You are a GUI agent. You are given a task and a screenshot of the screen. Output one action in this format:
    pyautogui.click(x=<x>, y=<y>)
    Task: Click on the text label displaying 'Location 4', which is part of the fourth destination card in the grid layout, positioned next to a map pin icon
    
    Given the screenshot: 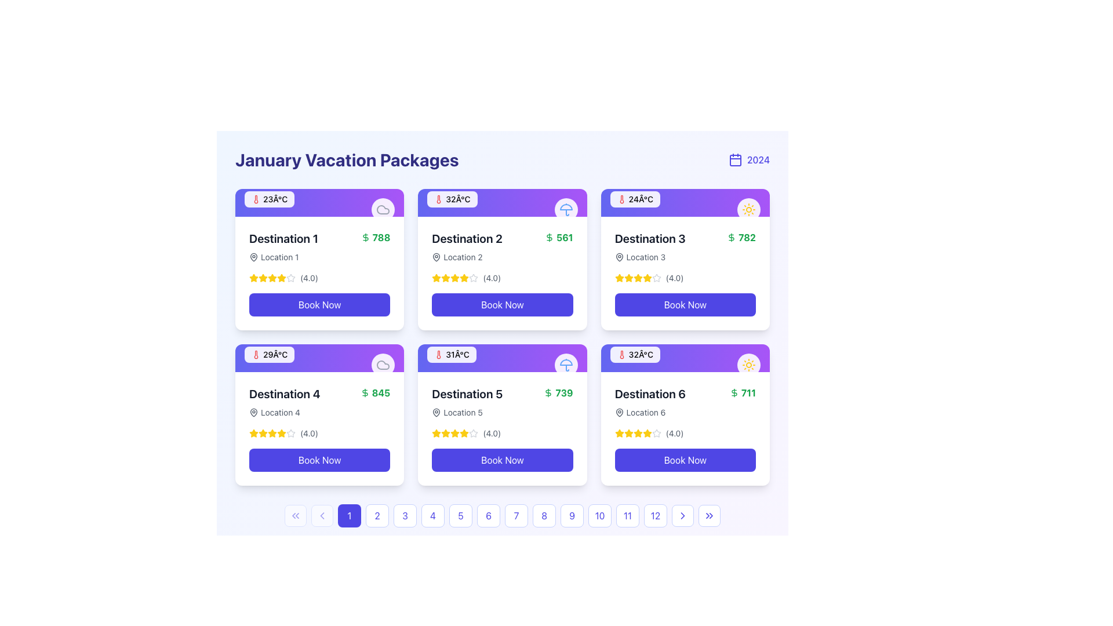 What is the action you would take?
    pyautogui.click(x=281, y=412)
    